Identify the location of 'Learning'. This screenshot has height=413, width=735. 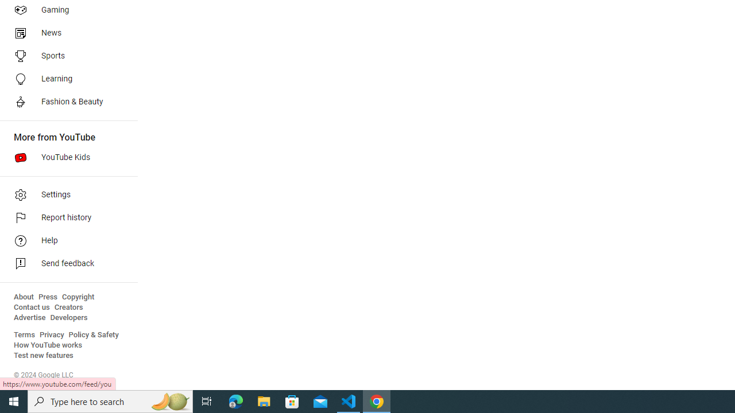
(64, 78).